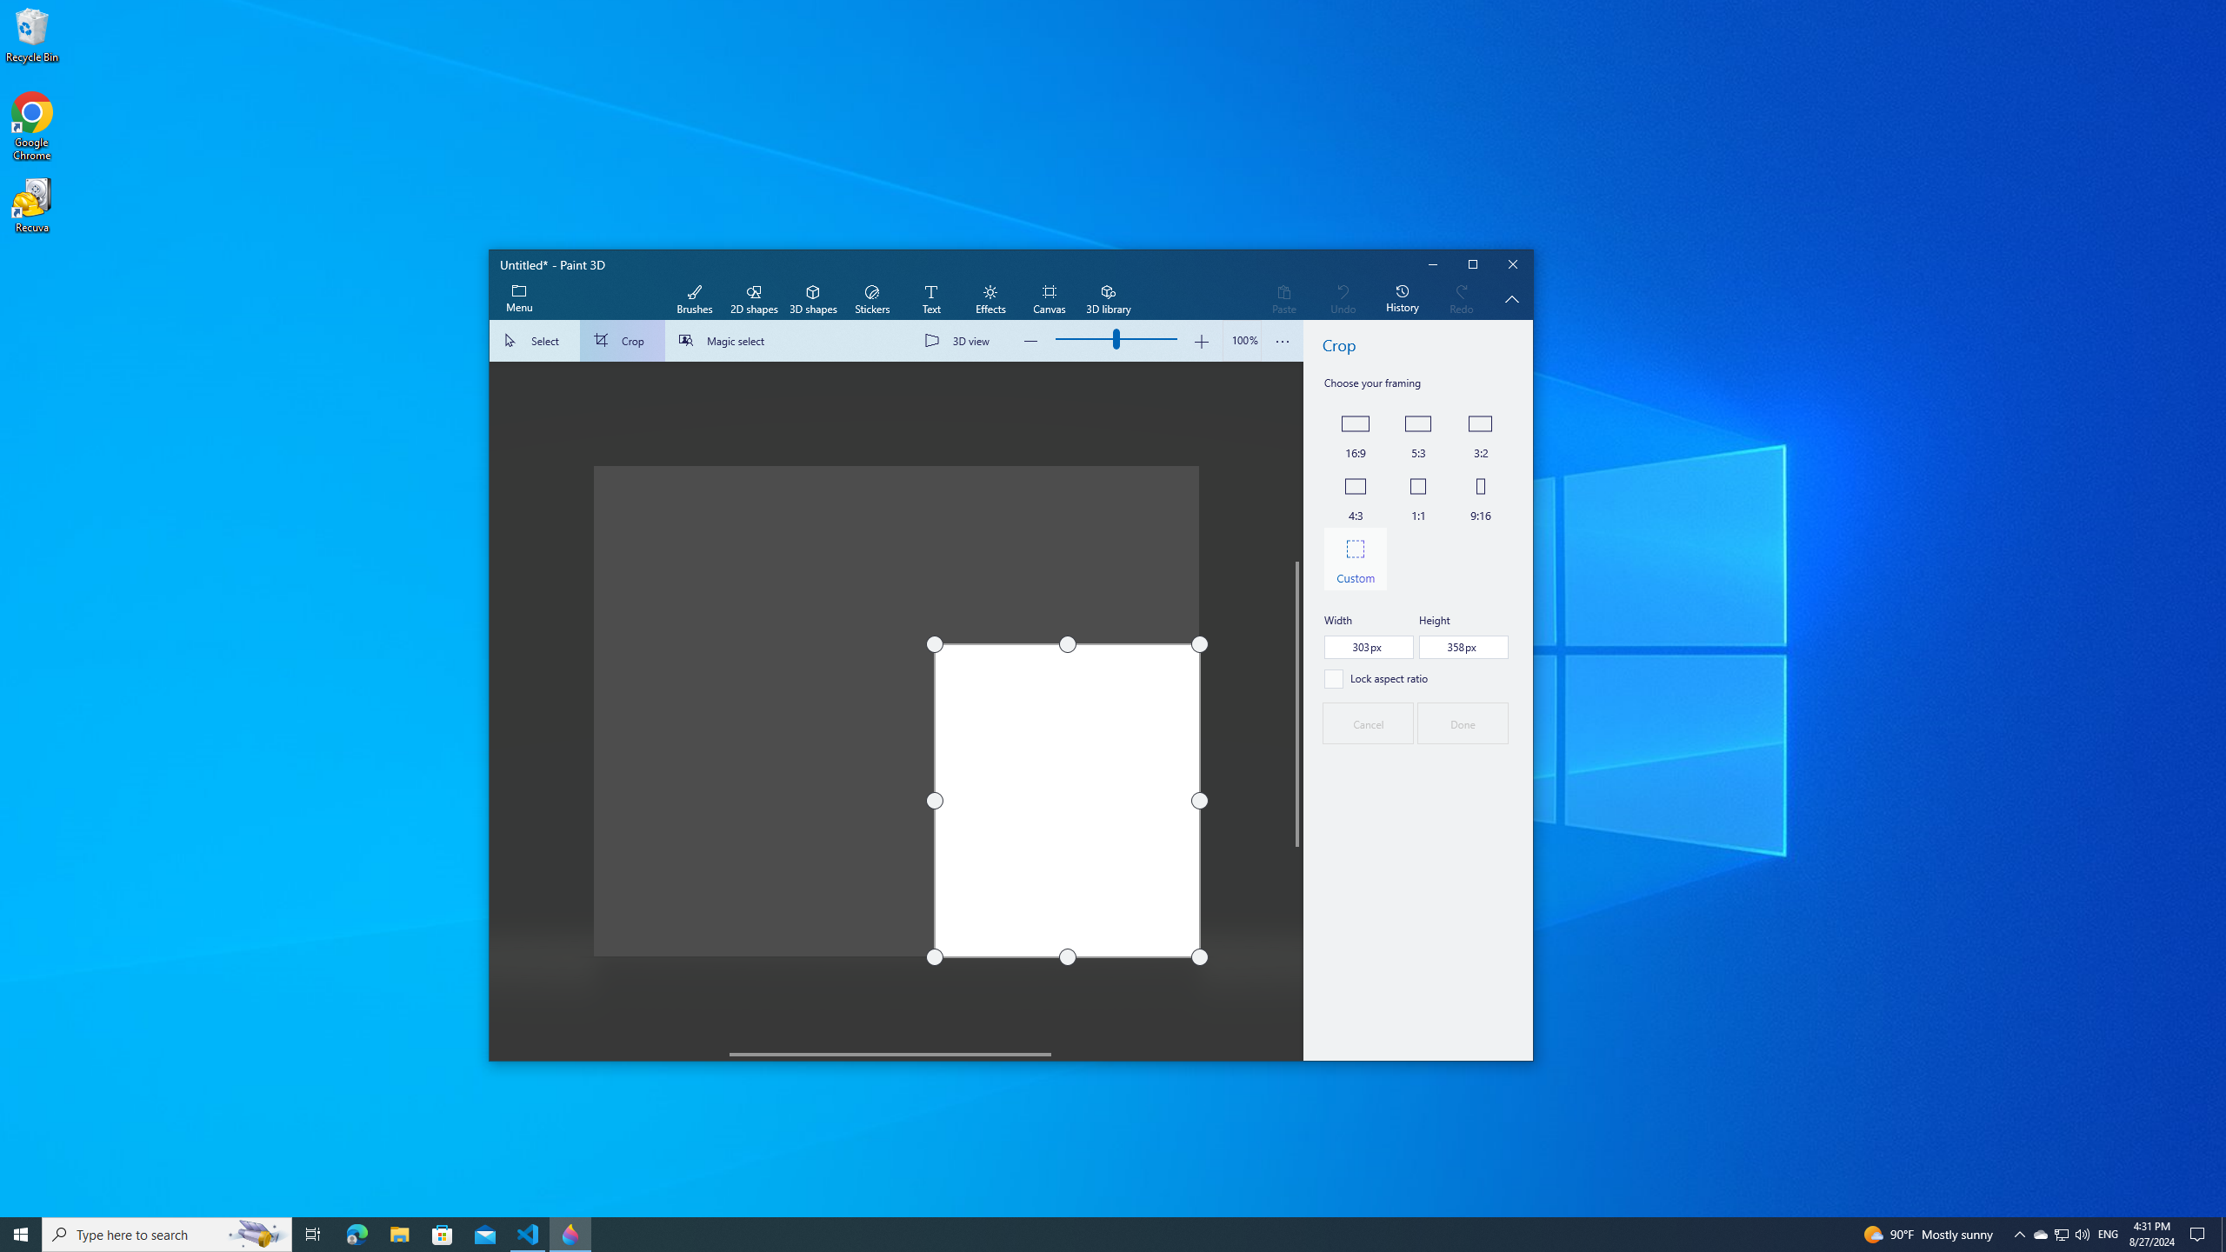  What do you see at coordinates (1355, 559) in the screenshot?
I see `'Custom'` at bounding box center [1355, 559].